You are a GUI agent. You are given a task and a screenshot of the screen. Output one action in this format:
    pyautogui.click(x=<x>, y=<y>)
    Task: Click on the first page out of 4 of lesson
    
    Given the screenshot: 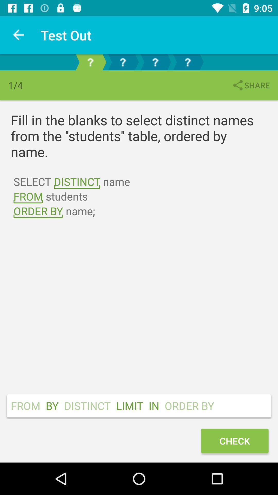 What is the action you would take?
    pyautogui.click(x=90, y=62)
    